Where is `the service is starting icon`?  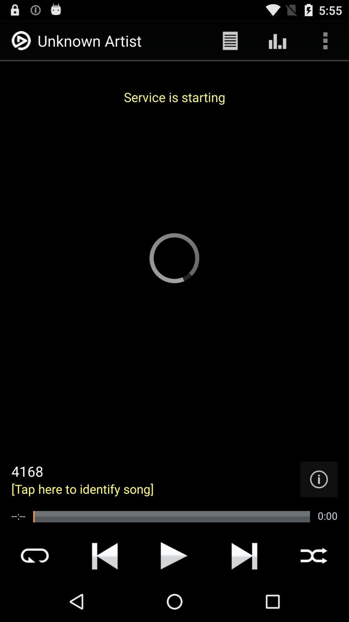 the service is starting icon is located at coordinates (174, 97).